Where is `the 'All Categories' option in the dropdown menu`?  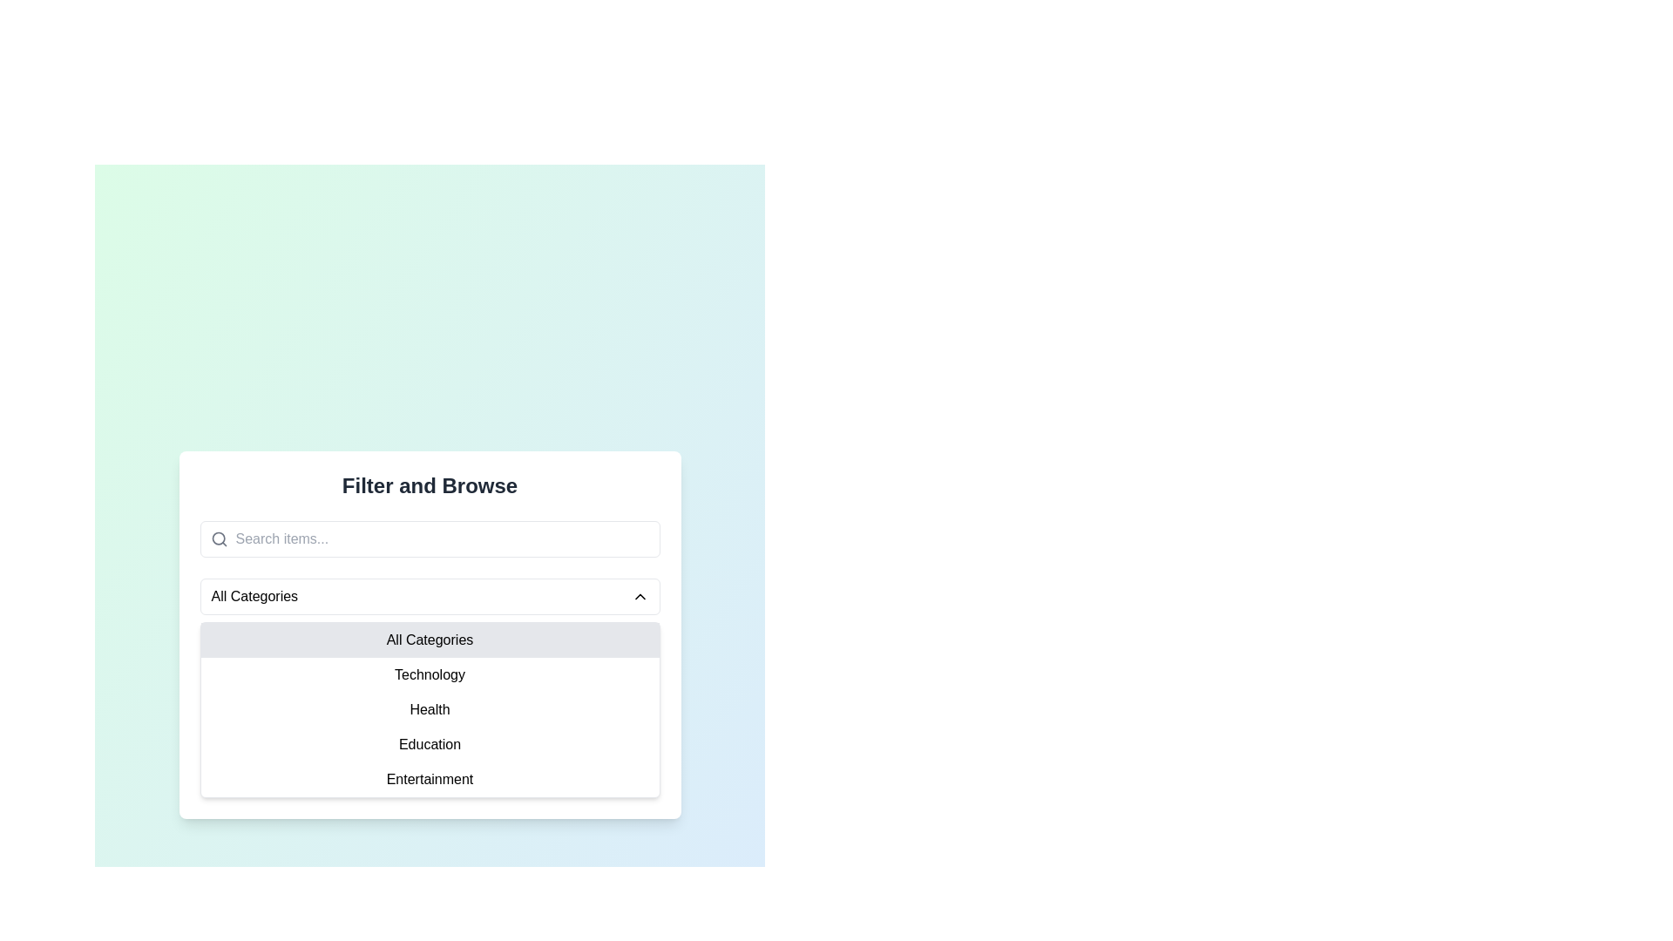
the 'All Categories' option in the dropdown menu is located at coordinates (430, 635).